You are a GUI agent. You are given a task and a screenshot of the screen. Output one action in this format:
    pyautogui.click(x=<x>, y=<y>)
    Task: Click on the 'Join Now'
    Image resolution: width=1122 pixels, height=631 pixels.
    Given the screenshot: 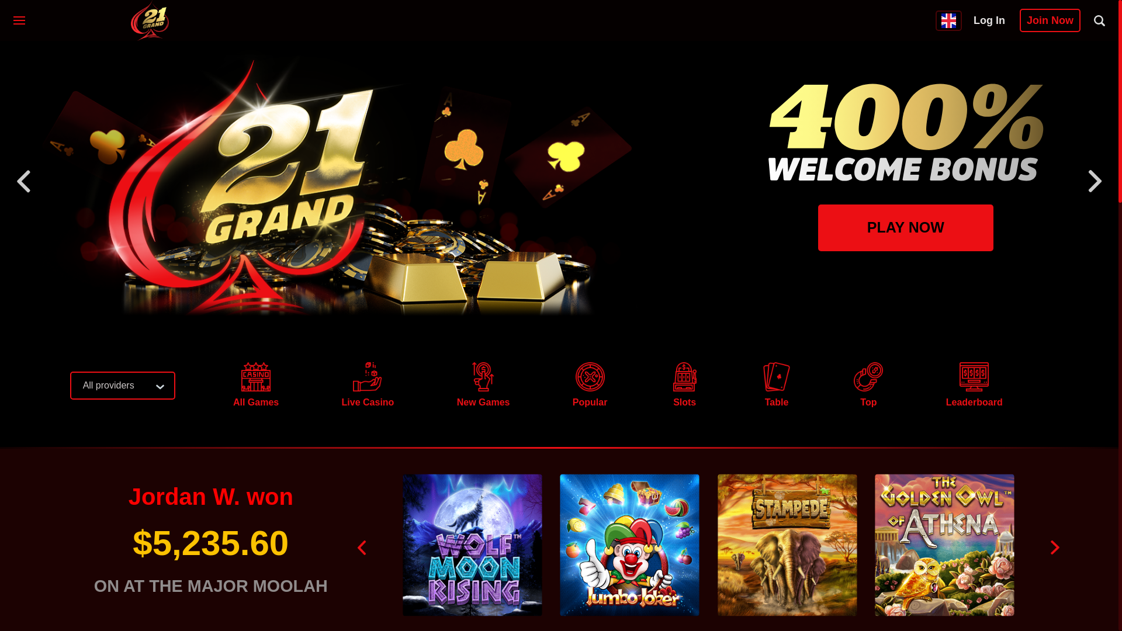 What is the action you would take?
    pyautogui.click(x=1050, y=20)
    